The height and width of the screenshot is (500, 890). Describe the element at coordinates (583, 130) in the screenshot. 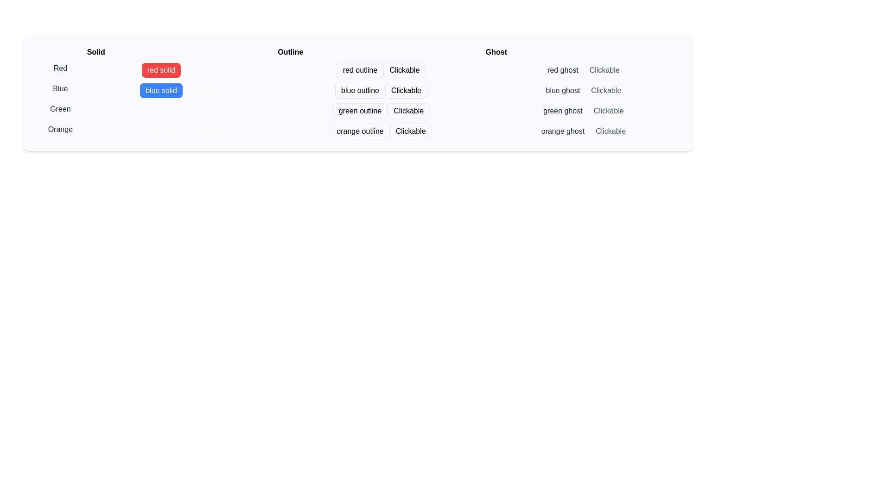

I see `the Text label displaying 'orange ghost' and 'Clickable' in the bottom-most row of the 'Ghost' column of the table` at that location.